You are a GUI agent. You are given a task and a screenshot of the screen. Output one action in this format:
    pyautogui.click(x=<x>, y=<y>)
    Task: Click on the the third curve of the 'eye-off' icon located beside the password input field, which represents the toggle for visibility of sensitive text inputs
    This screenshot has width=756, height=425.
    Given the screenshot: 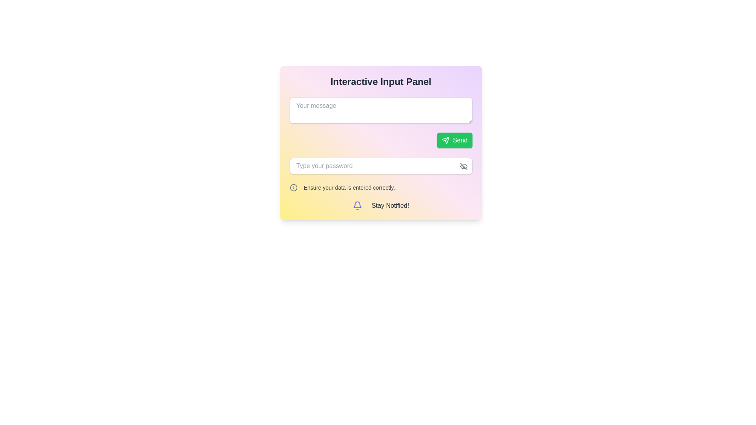 What is the action you would take?
    pyautogui.click(x=463, y=166)
    